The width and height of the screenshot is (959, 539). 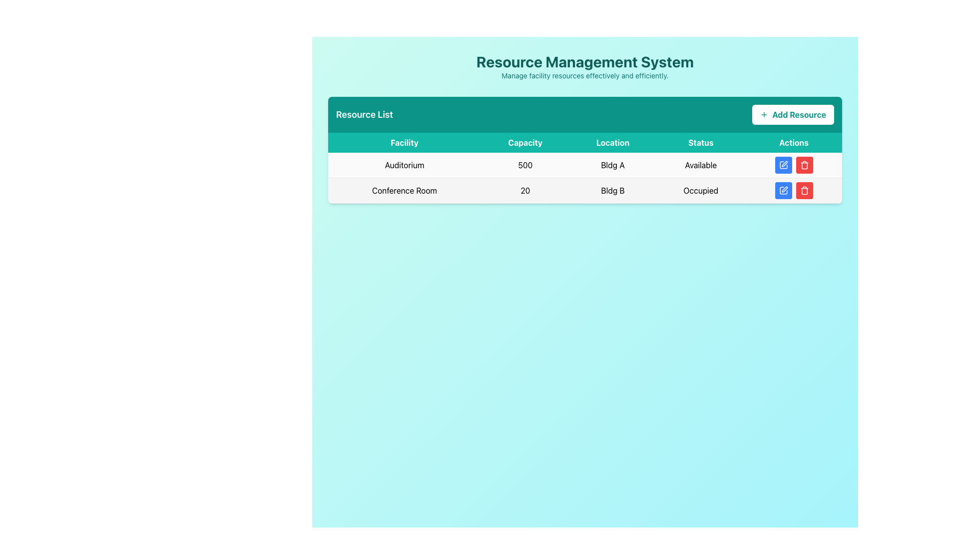 What do you see at coordinates (793, 165) in the screenshot?
I see `the blue edit button in the Actions column of the first row of the Resource List table` at bounding box center [793, 165].